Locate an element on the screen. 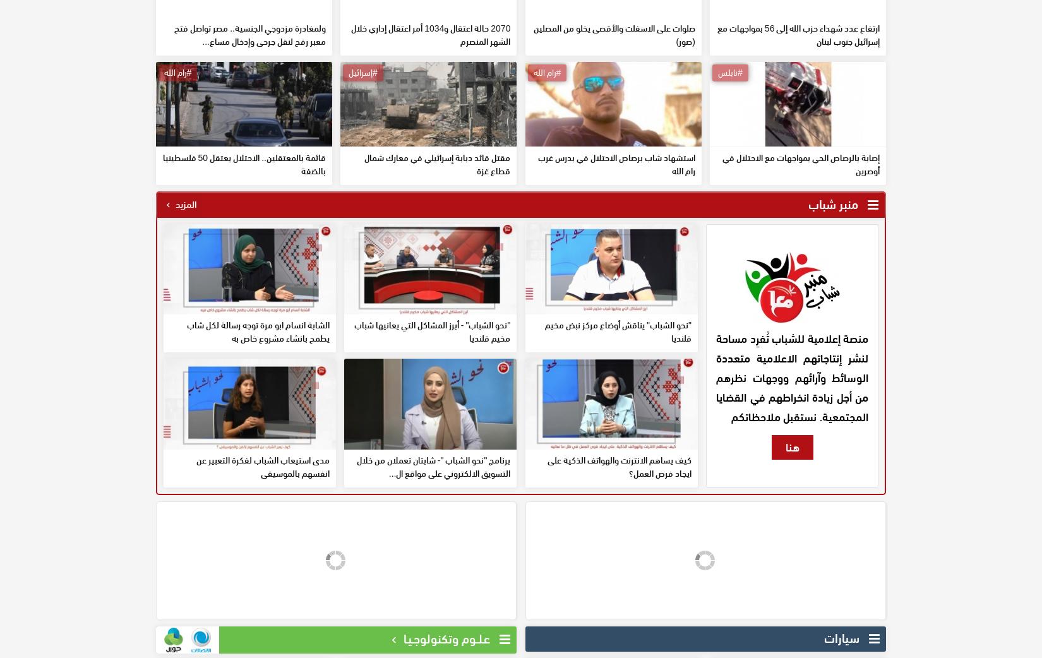  '"نحو الشباب" يناقش أوضاع مركز نبض مخيم قلنديا' is located at coordinates (617, 423).